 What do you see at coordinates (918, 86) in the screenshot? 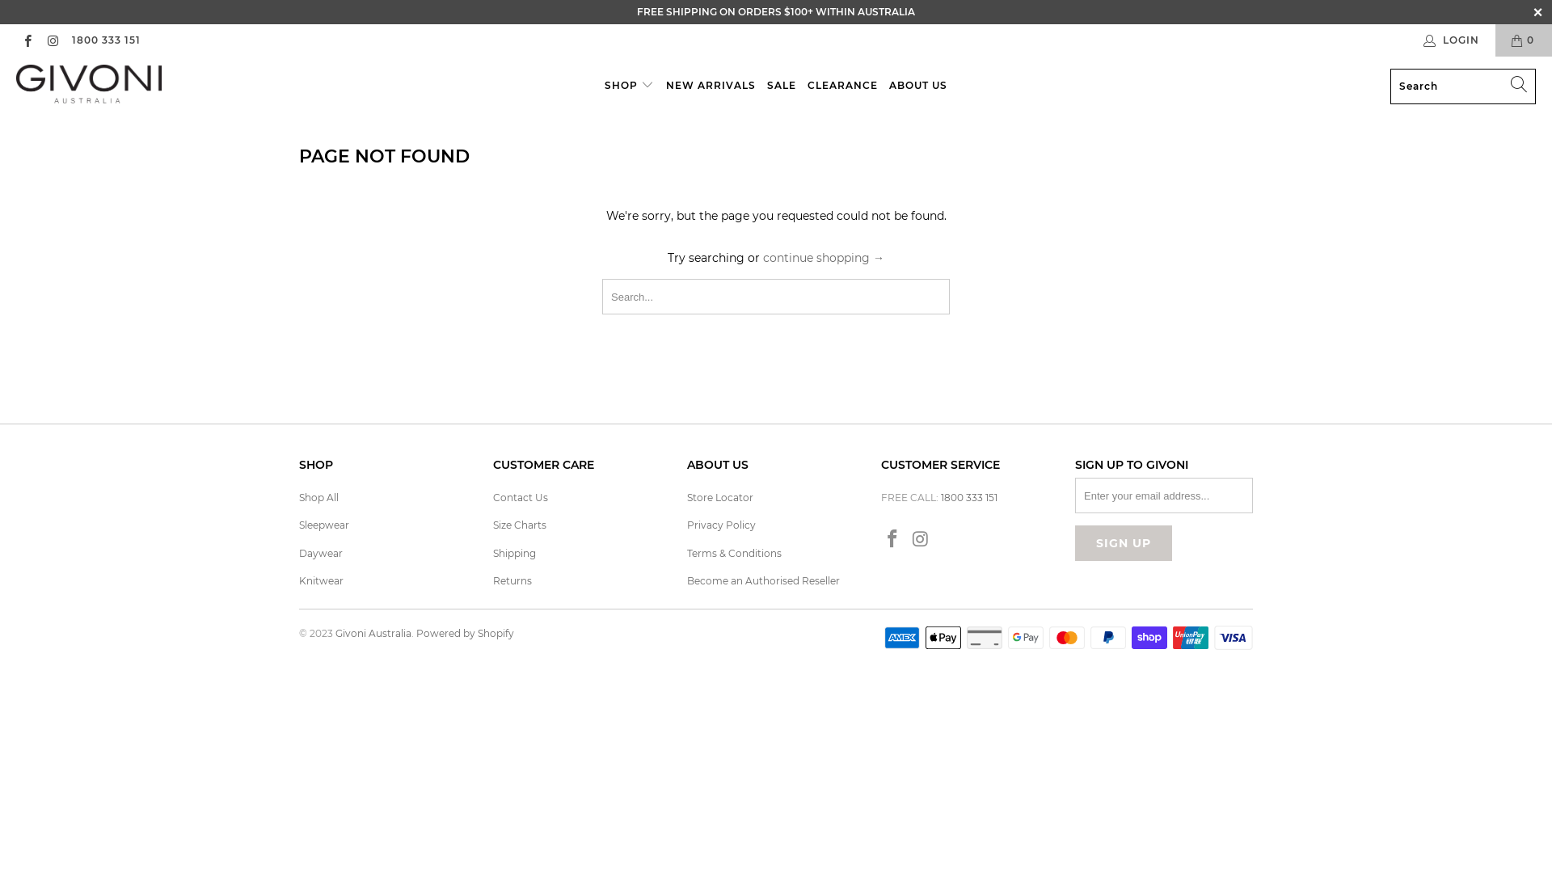
I see `'ABOUT US'` at bounding box center [918, 86].